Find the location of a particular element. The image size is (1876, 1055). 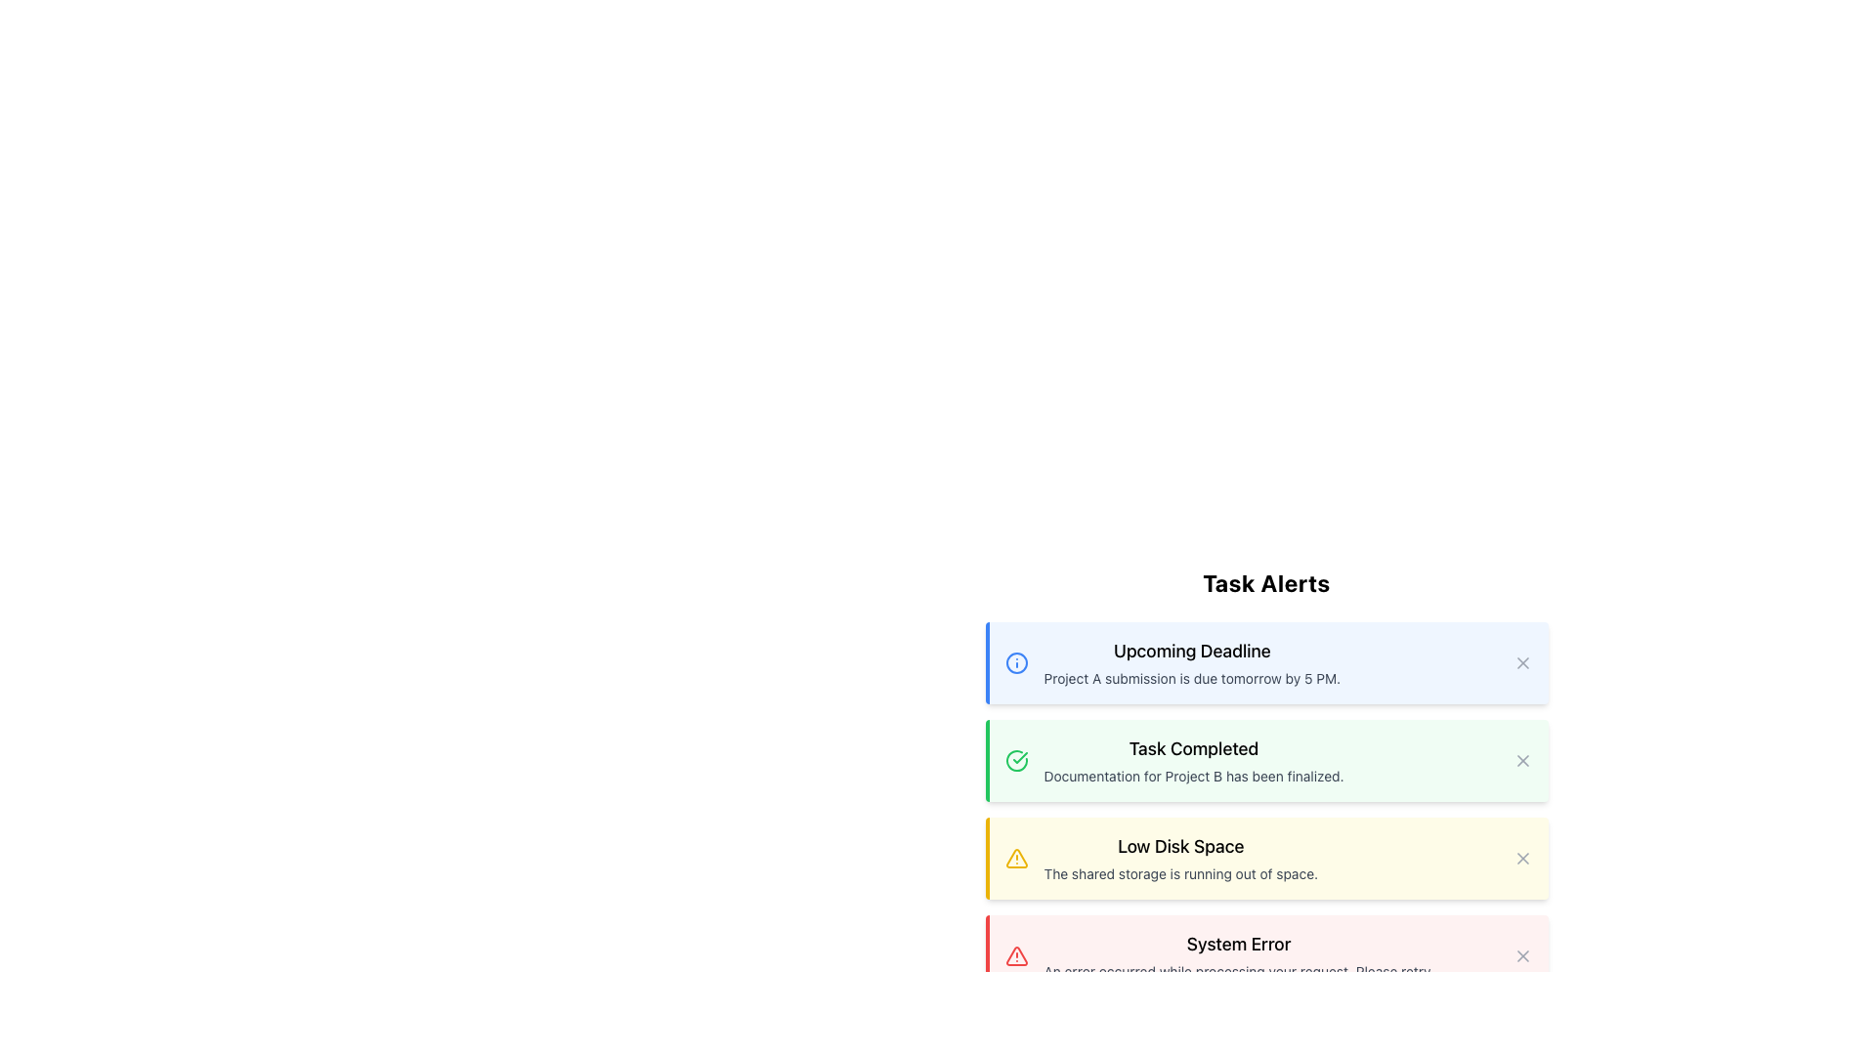

the text label stating 'Task Completed', which is prominently displayed in a bold font with a light green background, indicating a notification's title is located at coordinates (1193, 748).